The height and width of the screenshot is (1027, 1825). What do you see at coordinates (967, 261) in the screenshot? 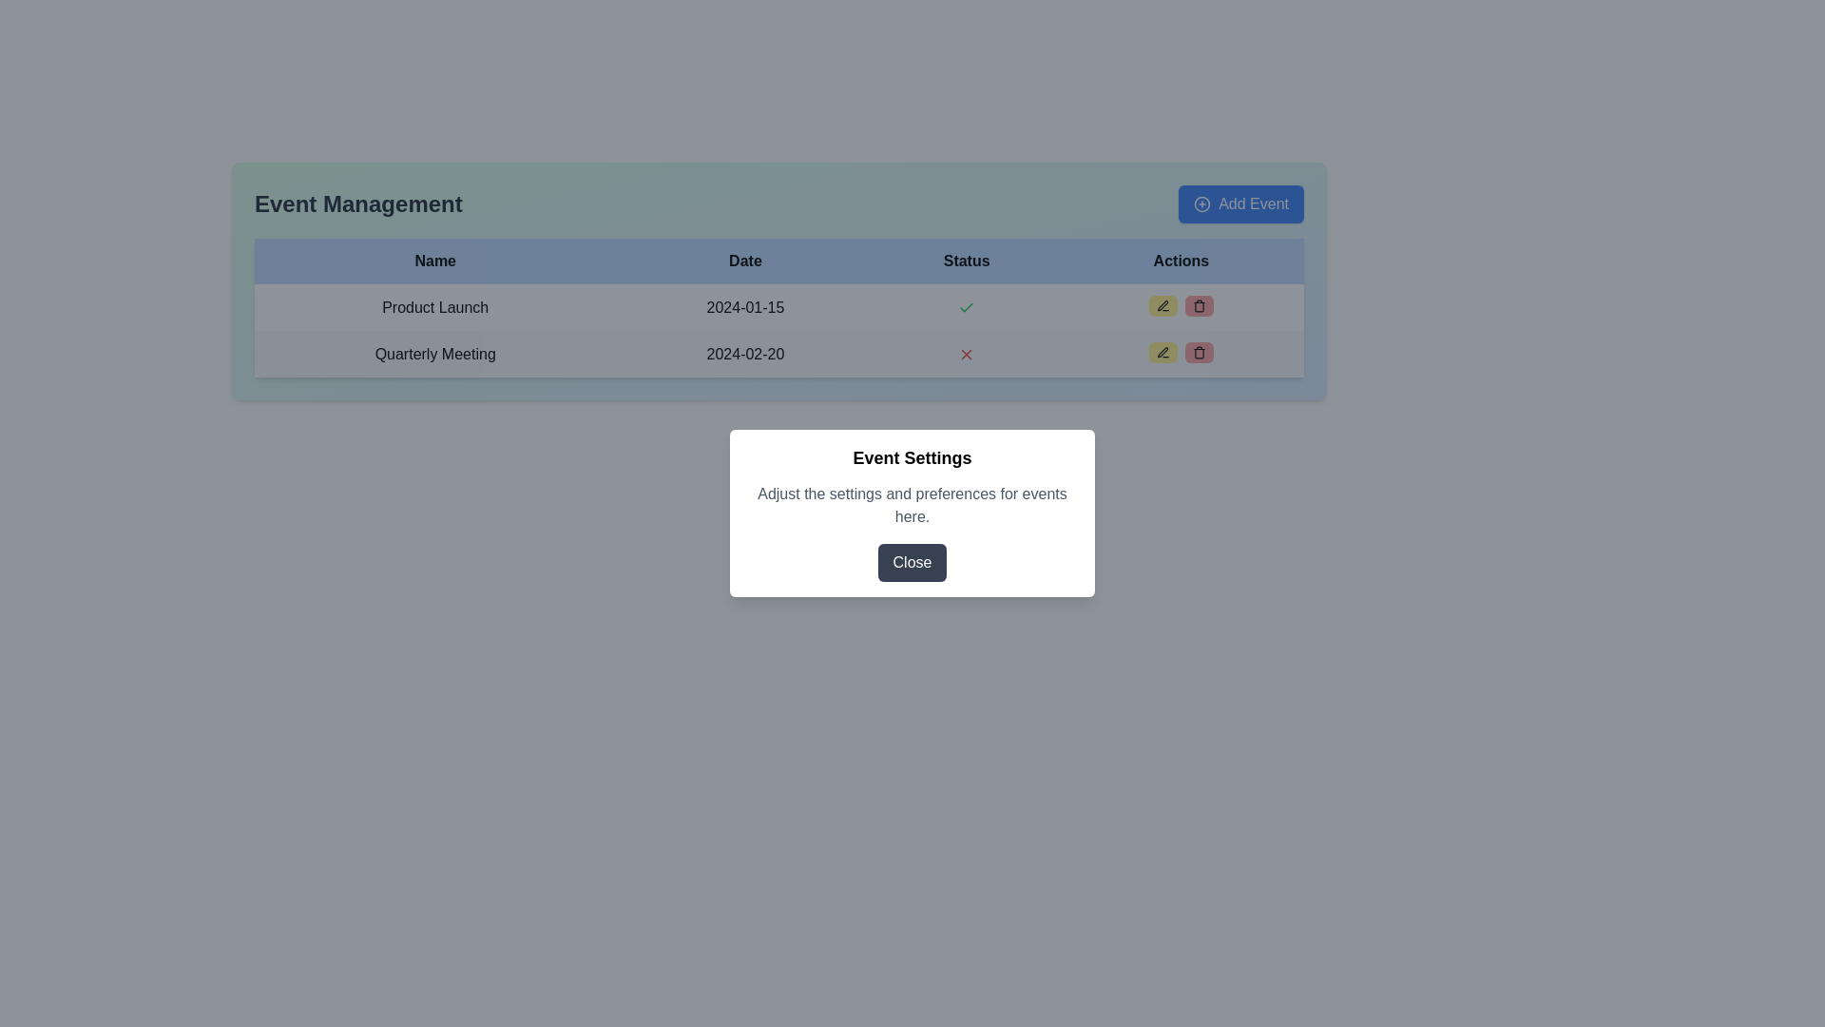
I see `the 'Status' header label in the Event Management table, which describes the status of events` at bounding box center [967, 261].